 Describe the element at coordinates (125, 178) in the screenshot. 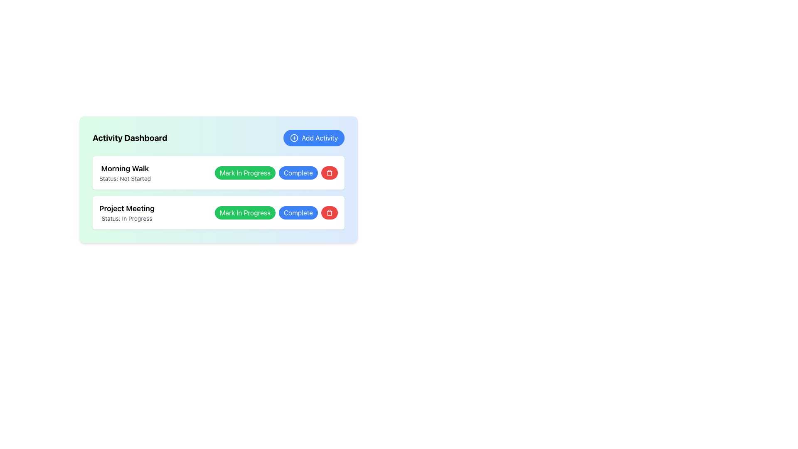

I see `the text label displaying 'Status: Not Started' located below the 'Morning Walk' title in the activity card` at that location.